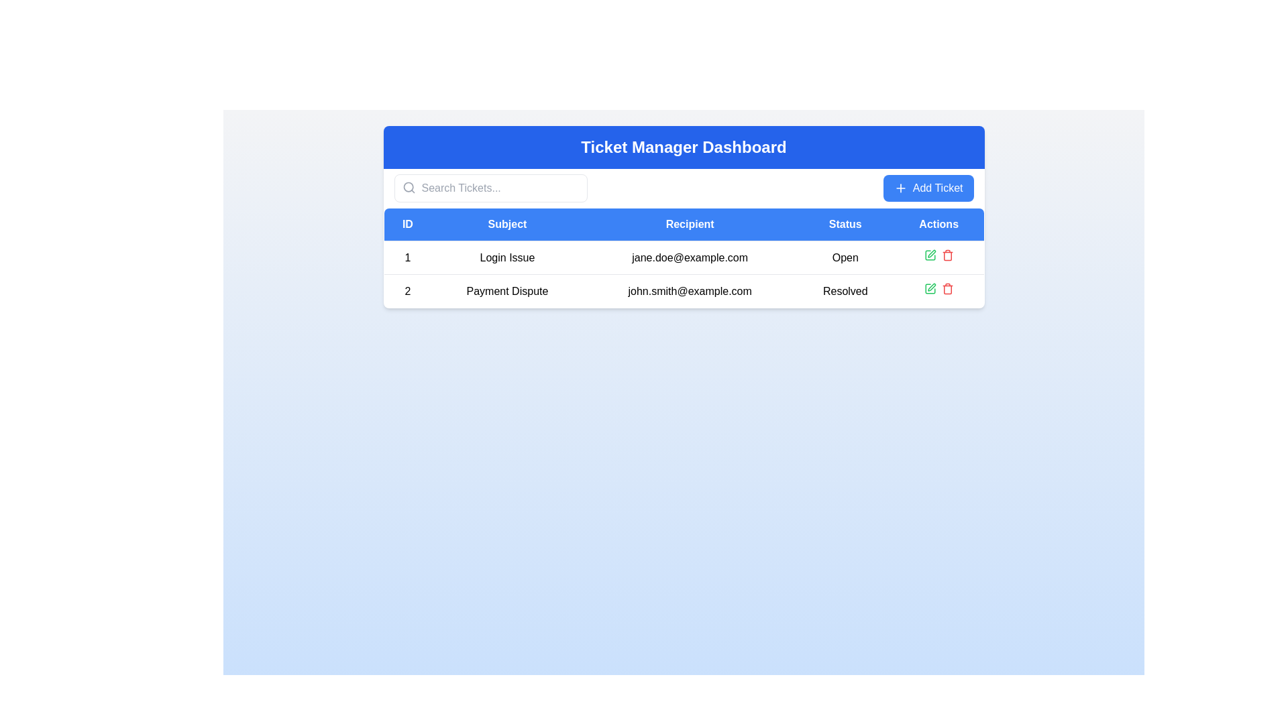 Image resolution: width=1288 pixels, height=724 pixels. Describe the element at coordinates (930, 286) in the screenshot. I see `the pen icon in the actions column of the second row in the table` at that location.